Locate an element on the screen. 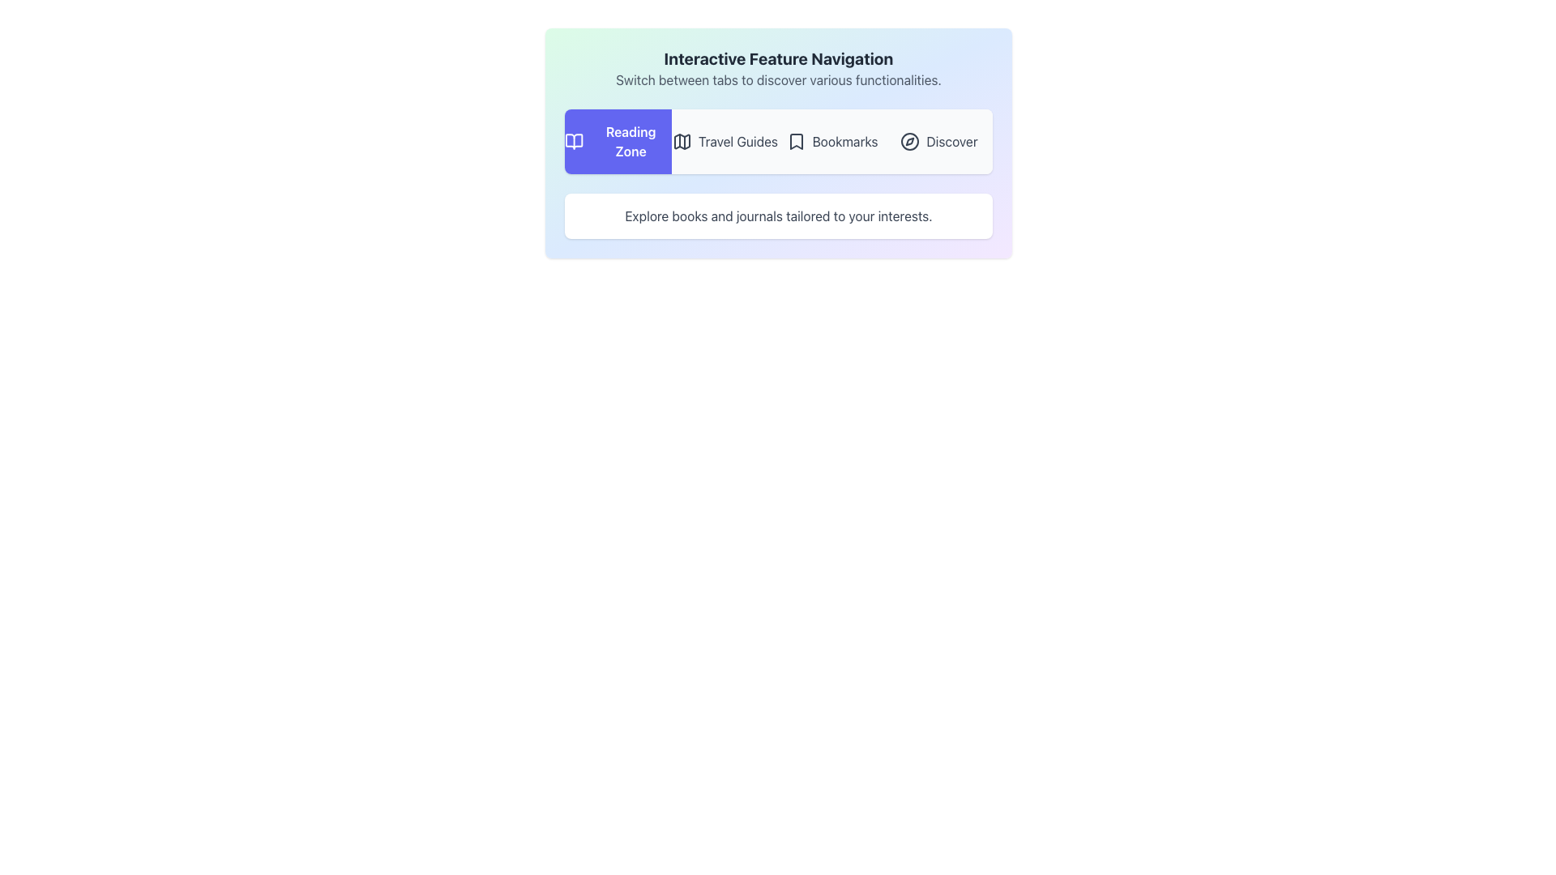 The image size is (1556, 875). text in the Text description area that contains the message 'Explore books and journals tailored to your interests' is located at coordinates (778, 215).